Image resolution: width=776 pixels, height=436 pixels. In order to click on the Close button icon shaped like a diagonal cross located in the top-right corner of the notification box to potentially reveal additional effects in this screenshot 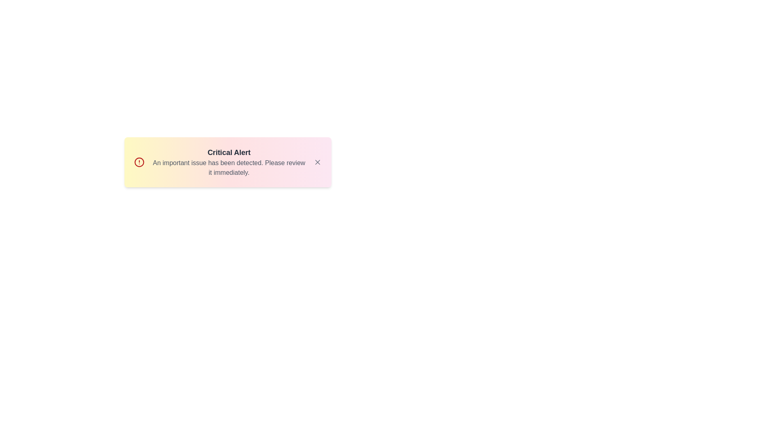, I will do `click(317, 162)`.